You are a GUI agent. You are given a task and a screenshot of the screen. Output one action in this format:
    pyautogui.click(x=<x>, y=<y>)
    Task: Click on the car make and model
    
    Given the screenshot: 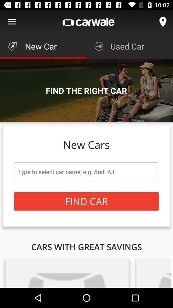 What is the action you would take?
    pyautogui.click(x=86, y=171)
    